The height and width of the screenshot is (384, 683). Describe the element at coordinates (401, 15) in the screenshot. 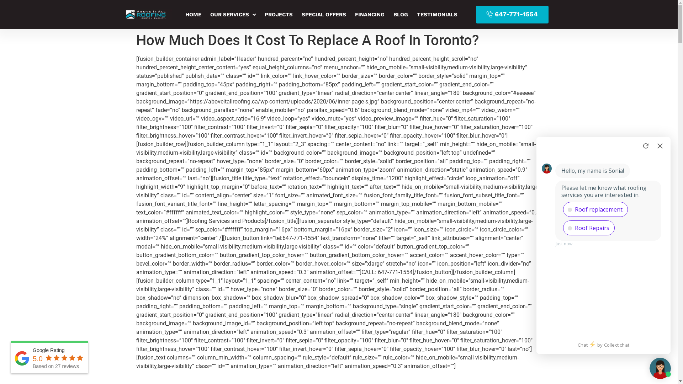

I see `'BLOG'` at that location.